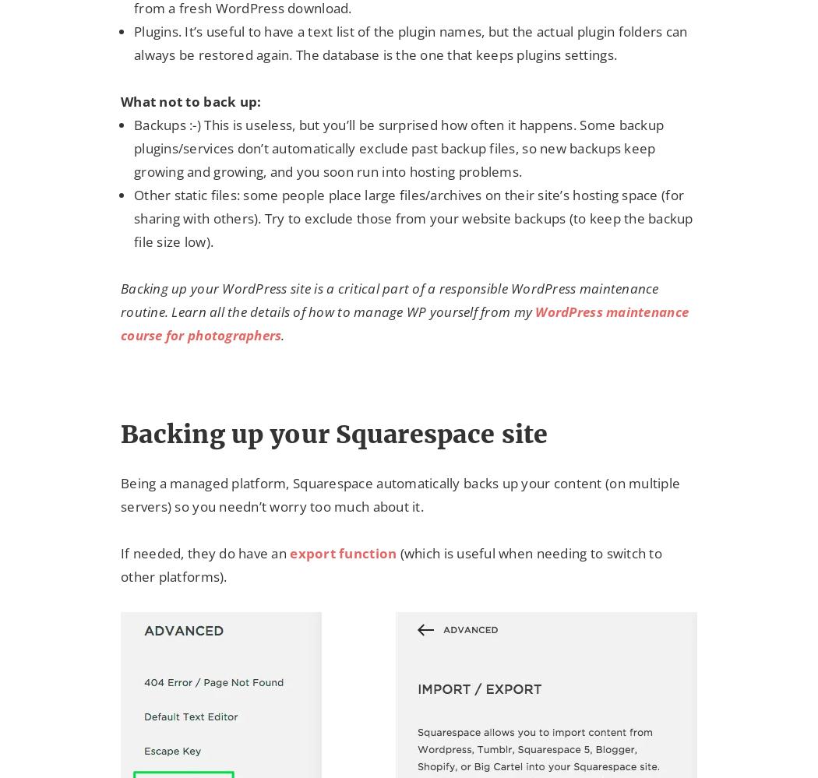 The image size is (818, 778). Describe the element at coordinates (133, 42) in the screenshot. I see `'Plugins. It’s useful to have a text list of the plugin names, but the actual plugin folders can always be restored again. The database is the one that keeps plugins settings.'` at that location.